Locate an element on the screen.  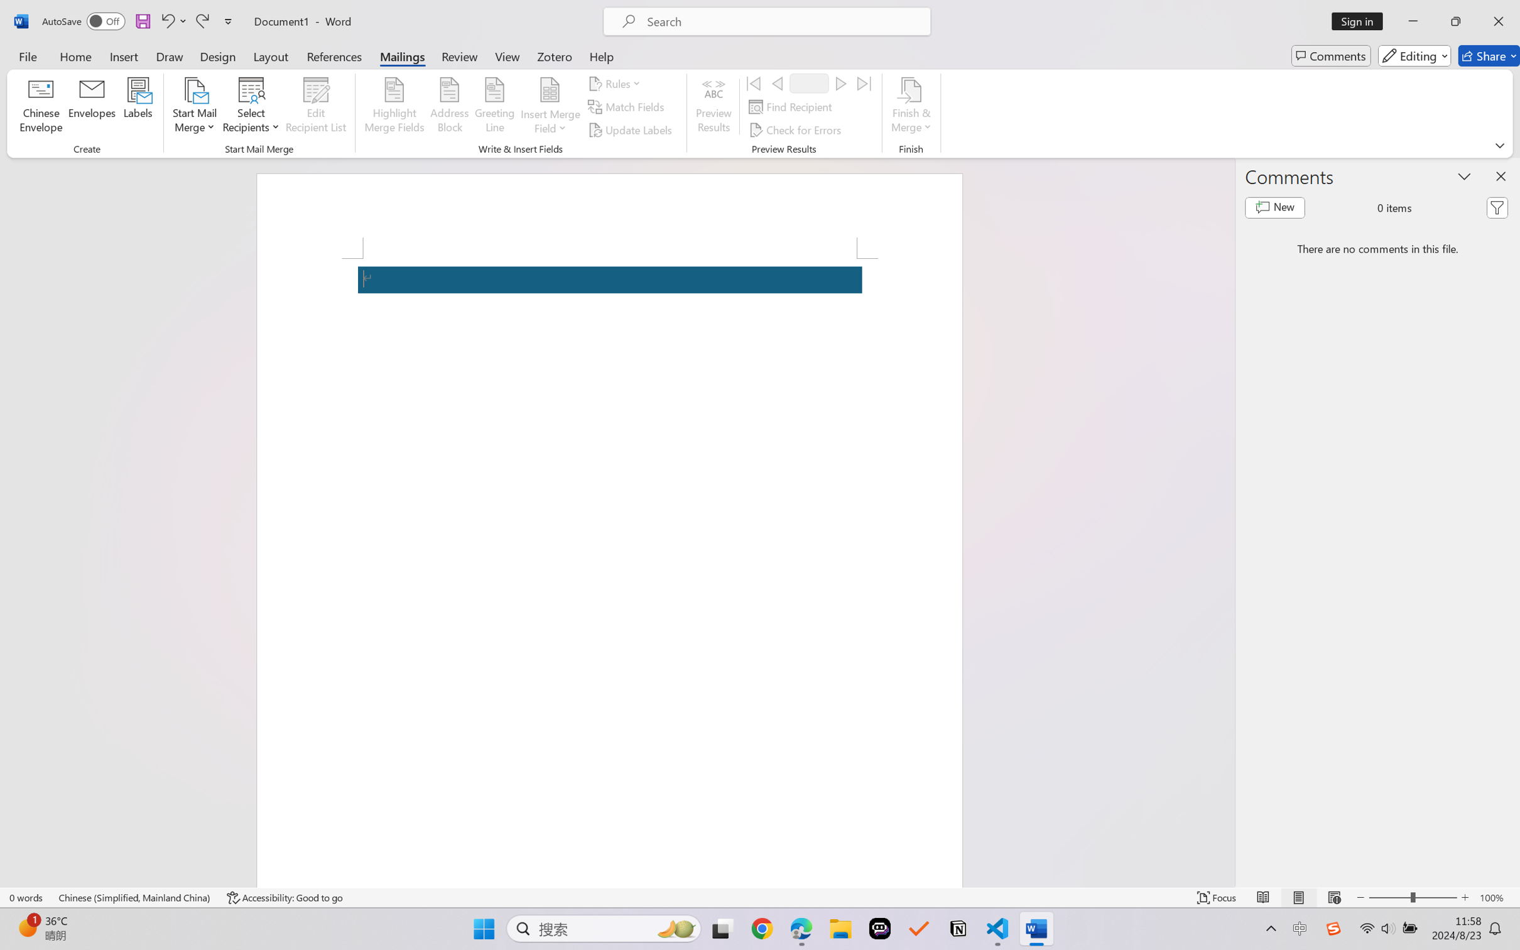
'Previous' is located at coordinates (776, 82).